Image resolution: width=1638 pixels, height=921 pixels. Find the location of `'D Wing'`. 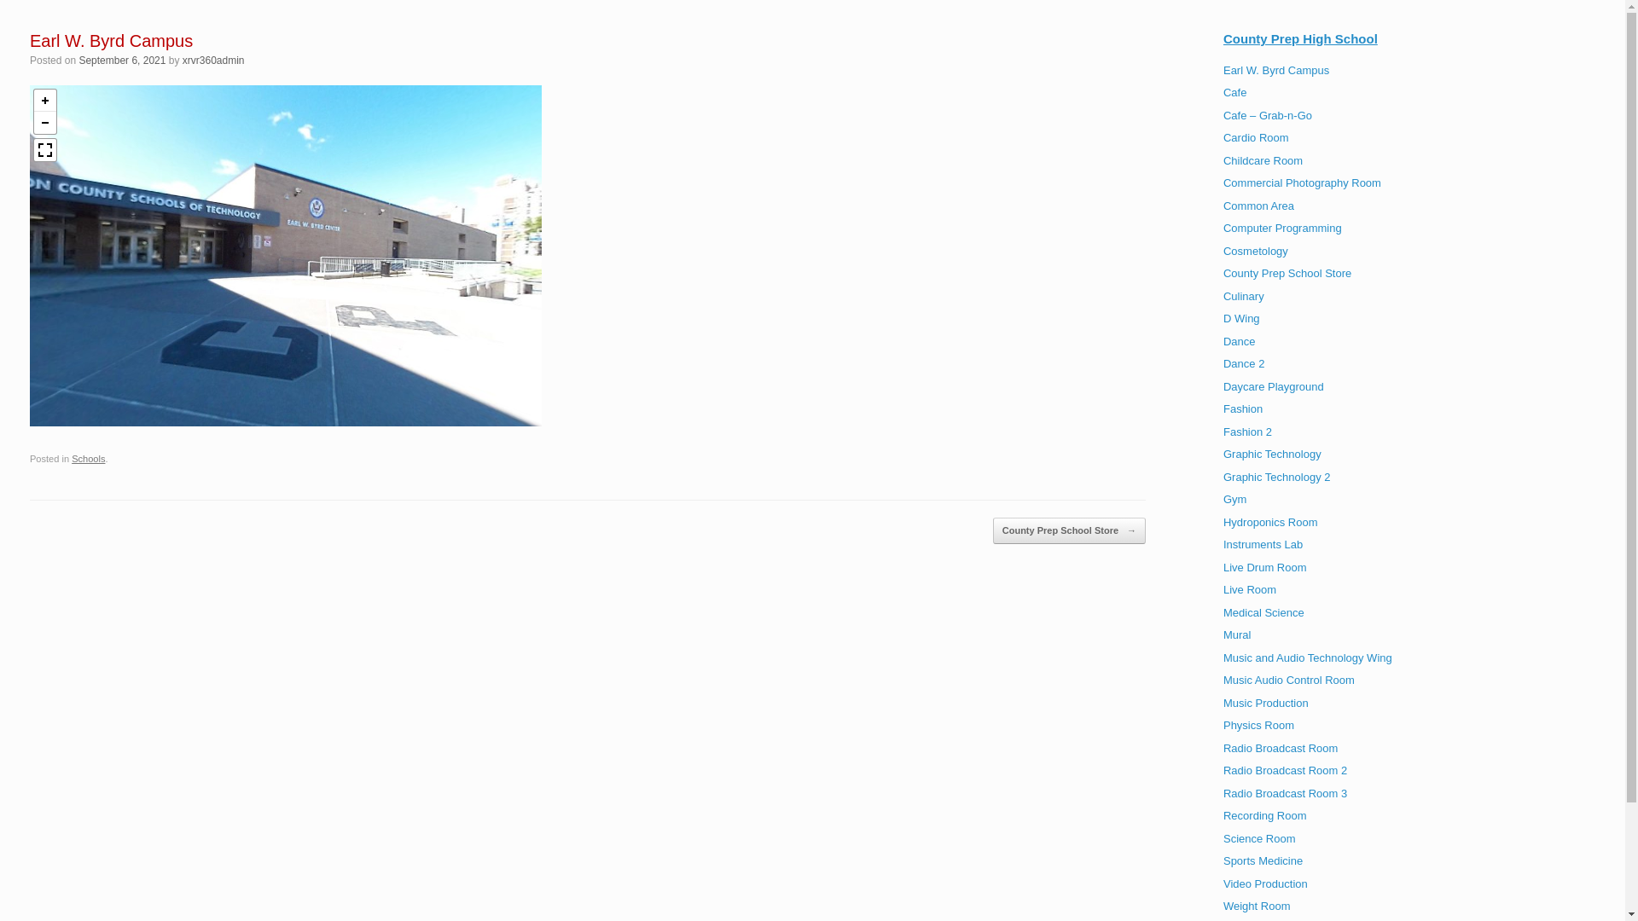

'D Wing' is located at coordinates (1223, 318).